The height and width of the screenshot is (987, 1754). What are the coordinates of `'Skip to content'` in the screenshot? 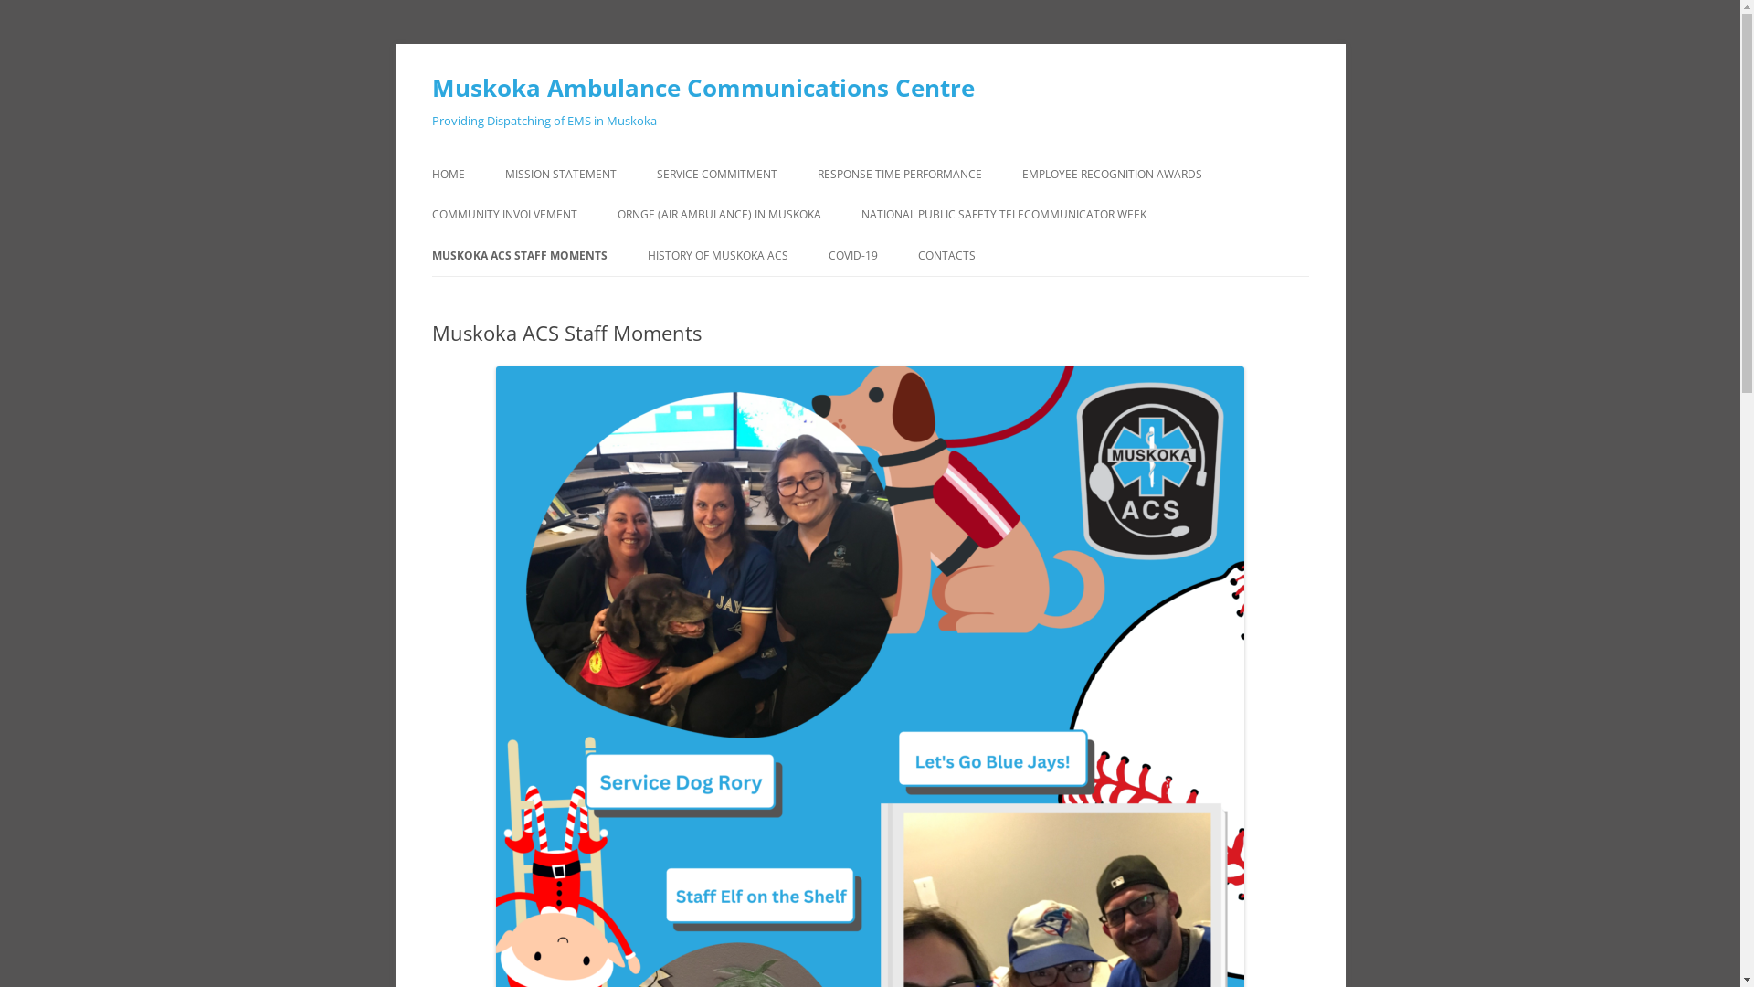 It's located at (869, 153).